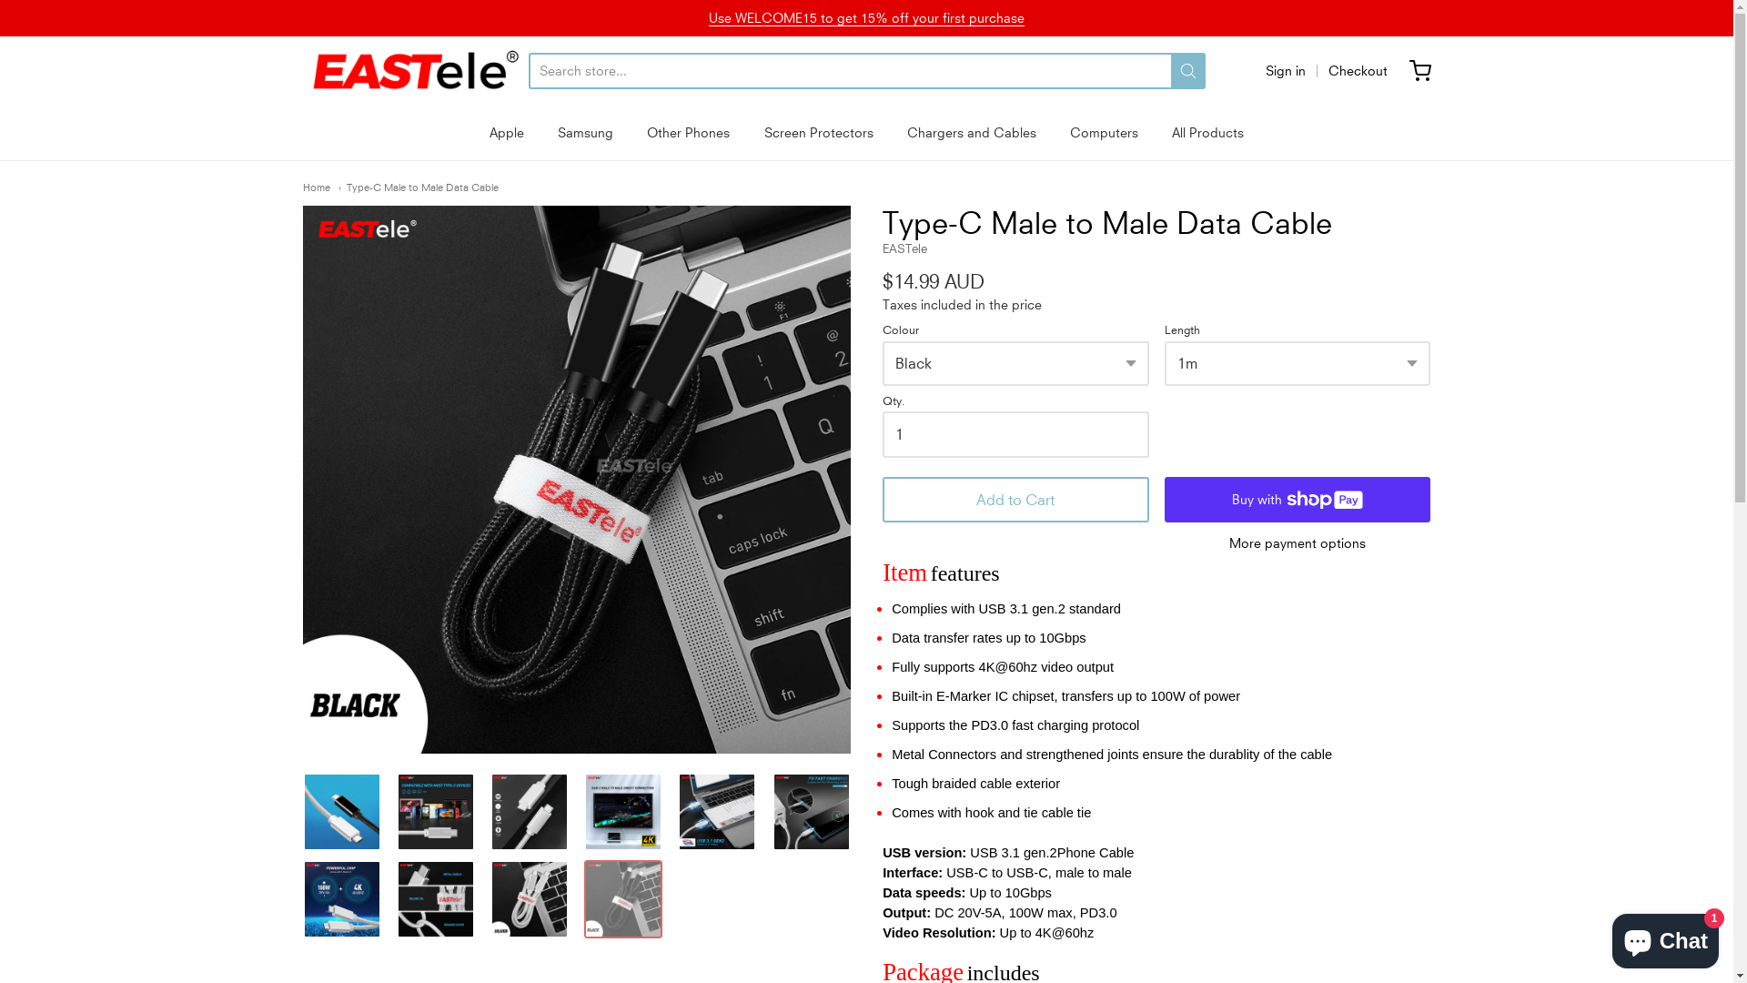  I want to click on 'Other Phones', so click(687, 132).